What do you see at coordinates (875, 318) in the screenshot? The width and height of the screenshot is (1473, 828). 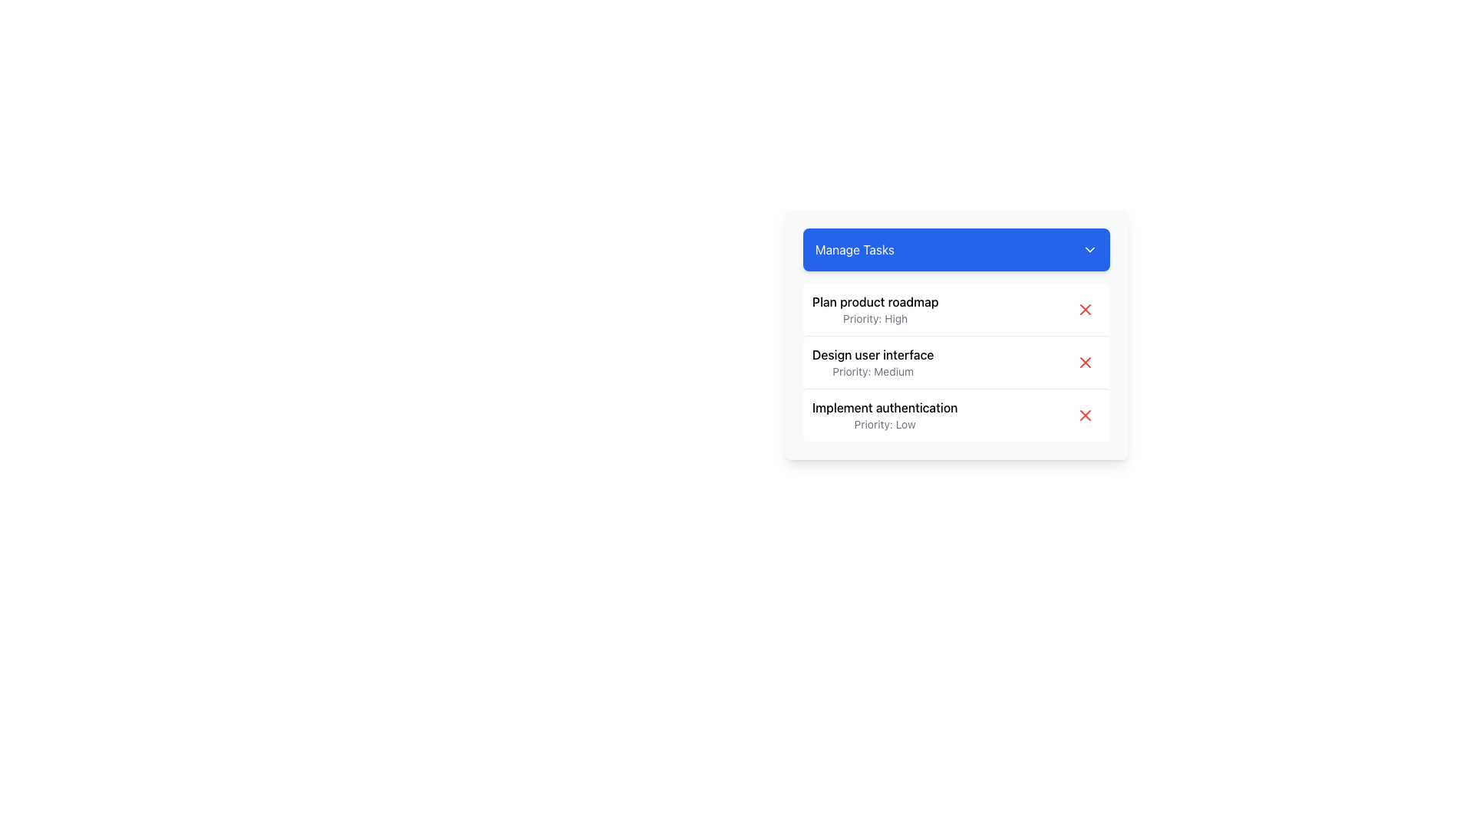 I see `the 'High' priority text label located below the 'Plan product roadmap' text, which indicates the task's priority level` at bounding box center [875, 318].